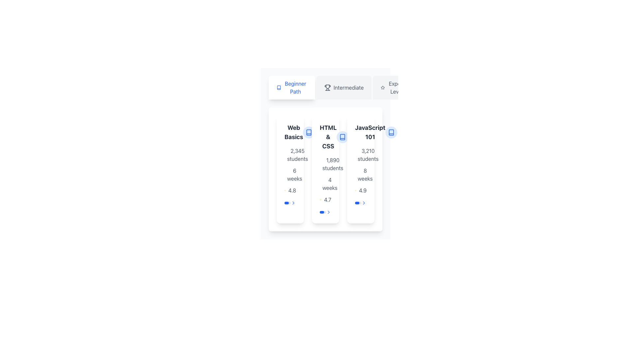 Image resolution: width=633 pixels, height=356 pixels. Describe the element at coordinates (333, 163) in the screenshot. I see `the static text display that shows '1,890 students', which is centrally positioned in the middle card of the three-card layout for the 'HTML & CSS' course` at that location.